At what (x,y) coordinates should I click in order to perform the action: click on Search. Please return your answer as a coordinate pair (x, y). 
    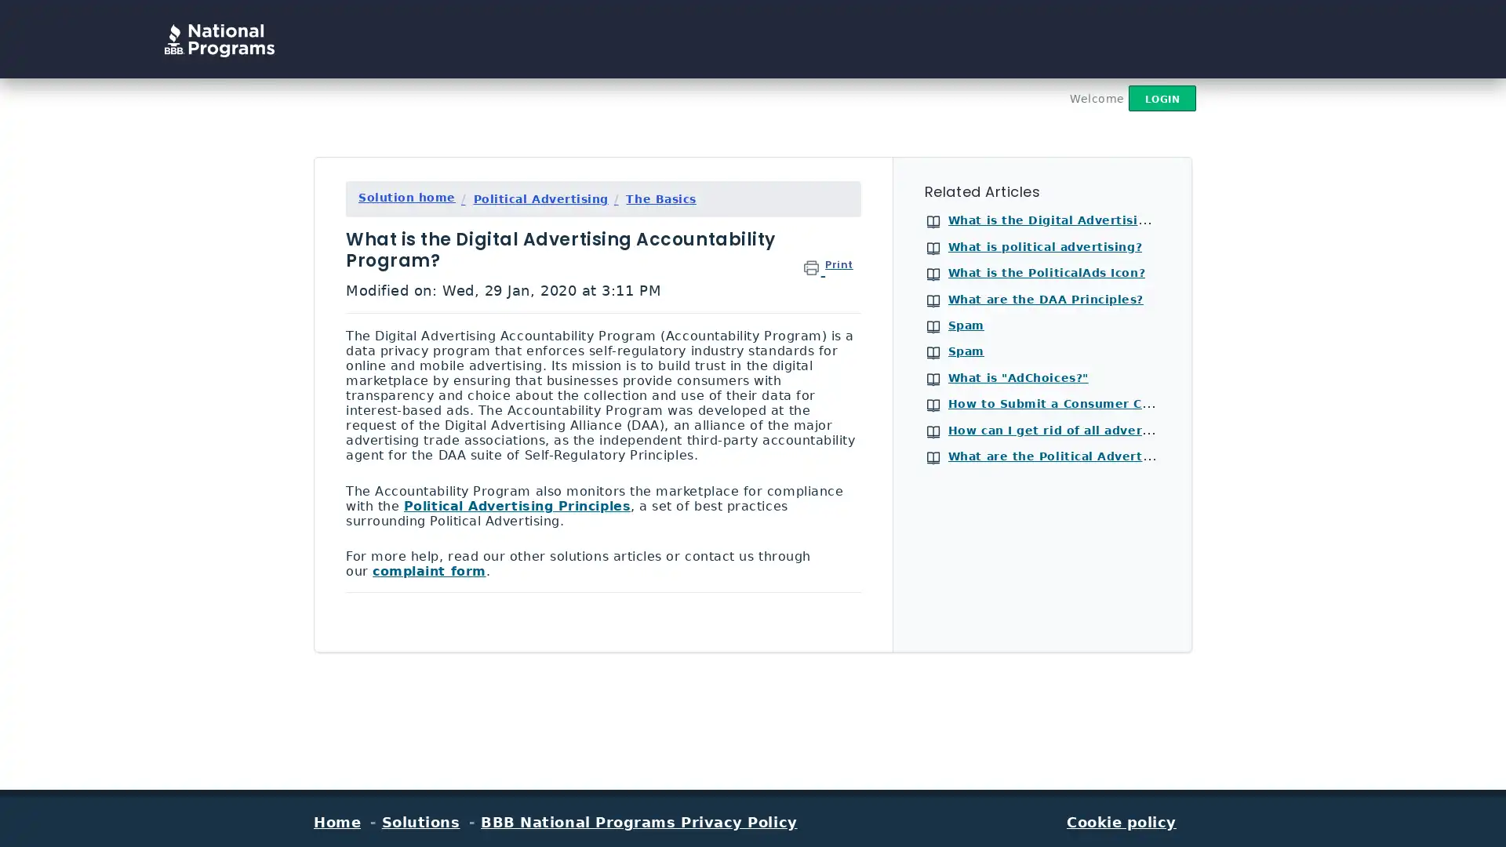
    Looking at the image, I should click on (346, 59).